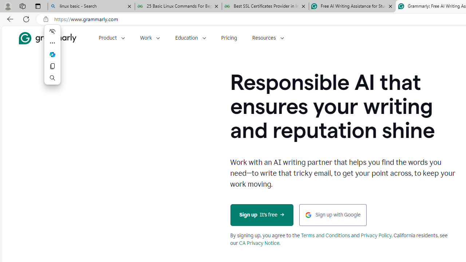 Image resolution: width=466 pixels, height=262 pixels. I want to click on 'Sign up with Google', so click(332, 214).